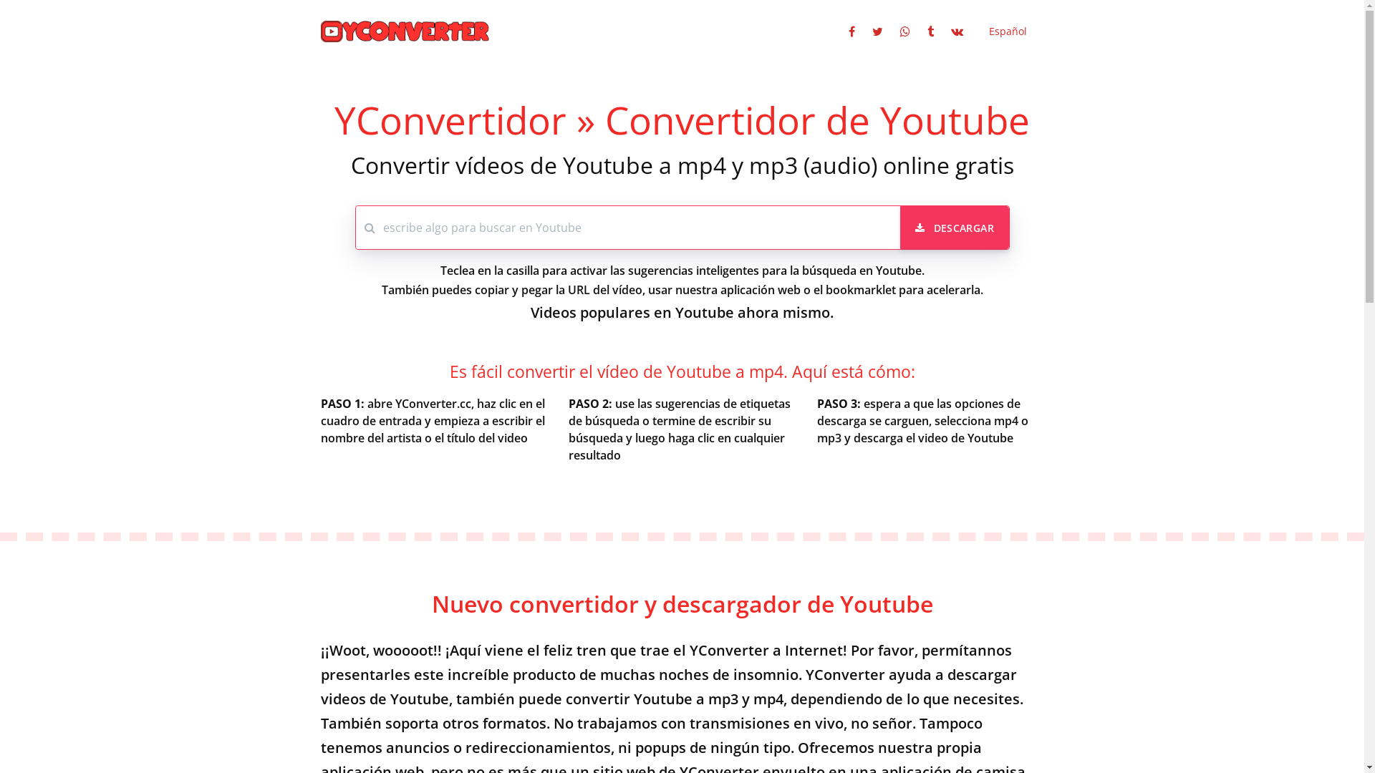 The image size is (1375, 773). What do you see at coordinates (930, 31) in the screenshot?
I see `'Compartir en Tumblr'` at bounding box center [930, 31].